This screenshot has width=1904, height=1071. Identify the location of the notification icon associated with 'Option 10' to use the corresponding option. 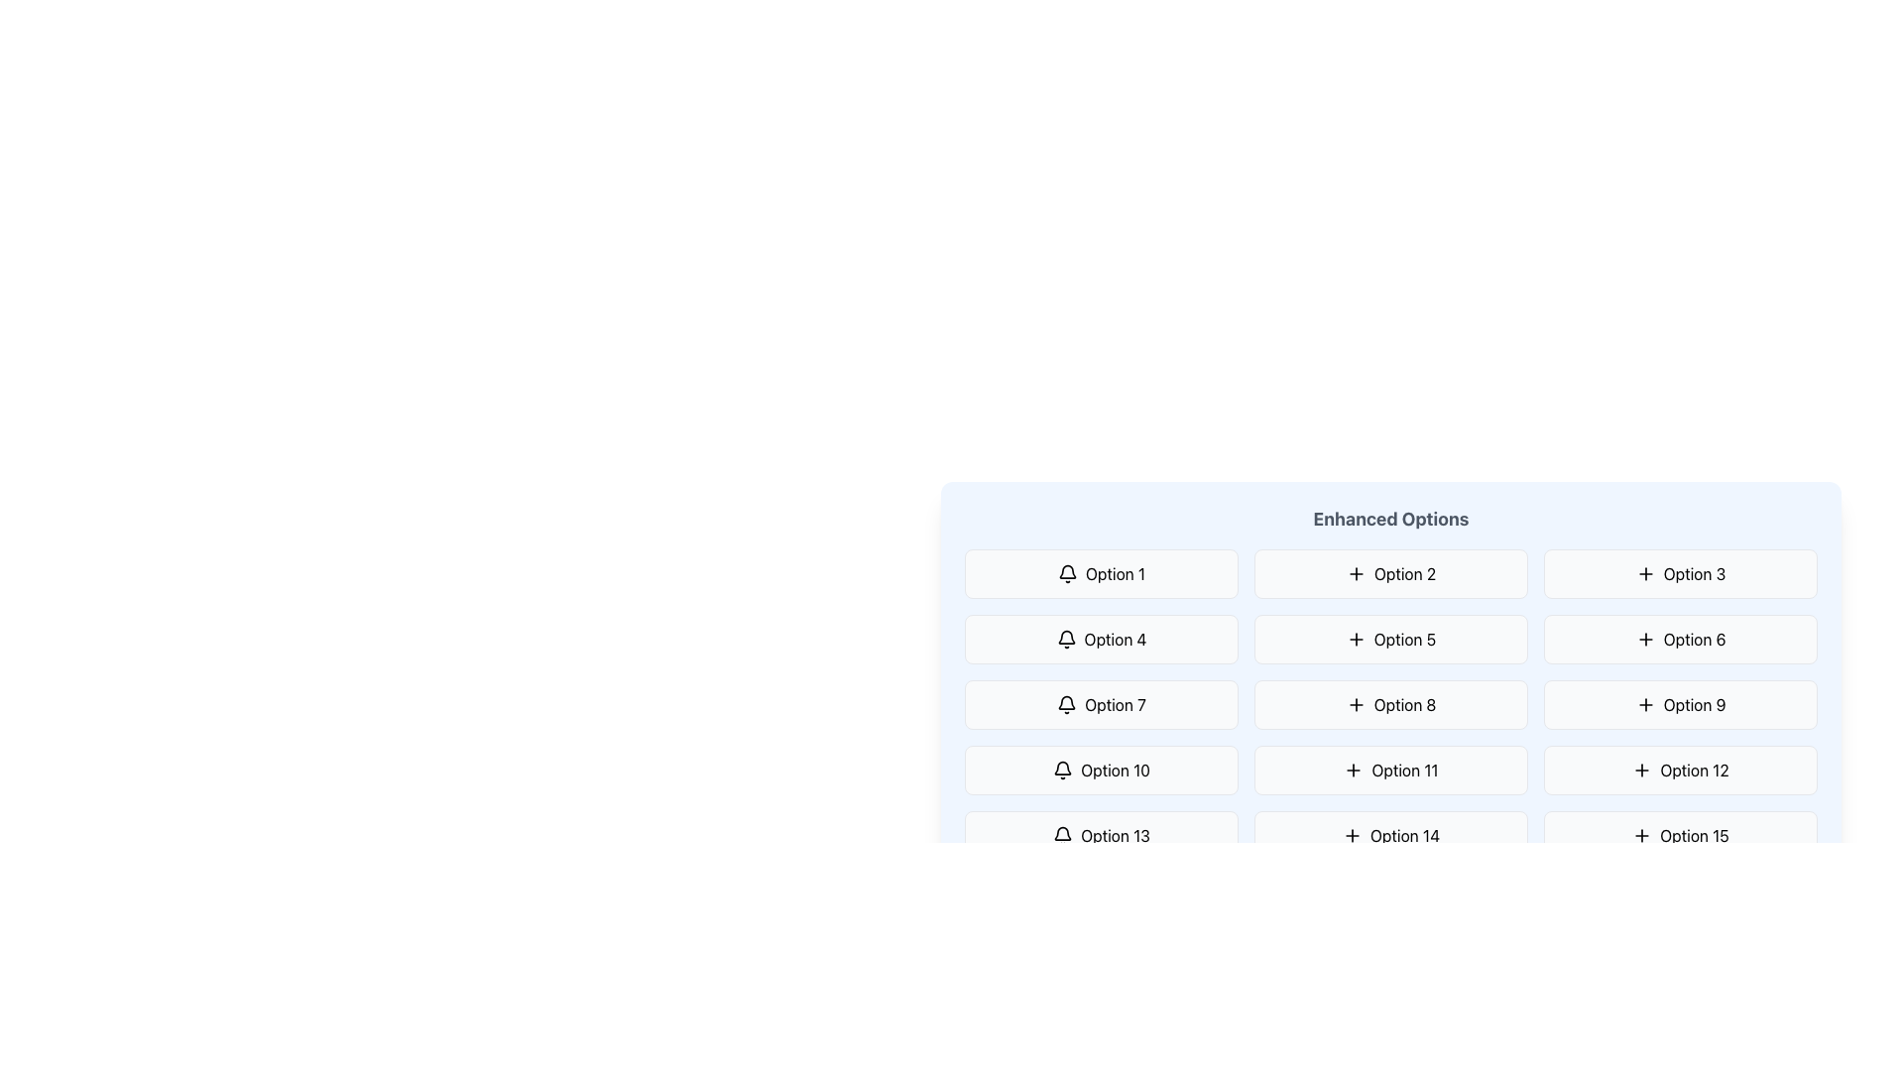
(1062, 767).